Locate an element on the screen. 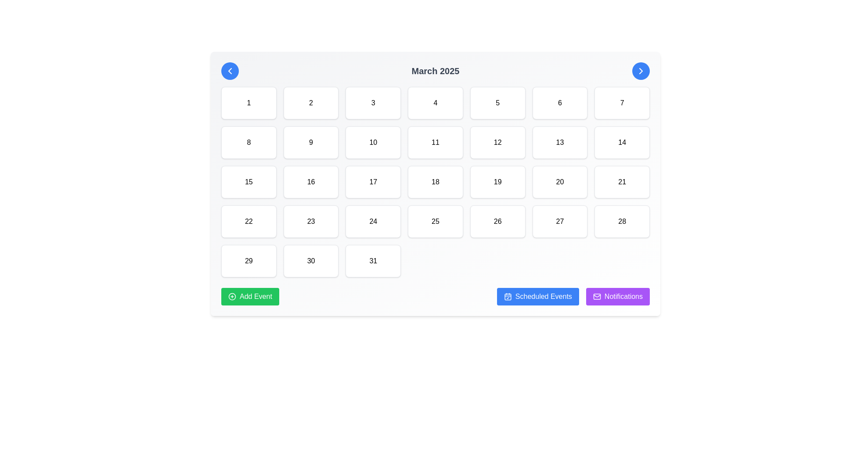 The height and width of the screenshot is (474, 843). the calendar date cell representing the 10th of the month is located at coordinates (373, 142).